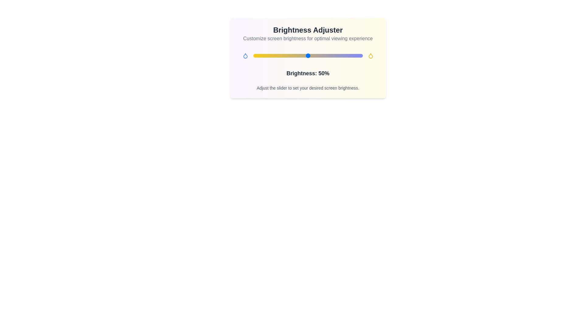  I want to click on the brightness slider to 3% to observe the gradient, so click(256, 55).